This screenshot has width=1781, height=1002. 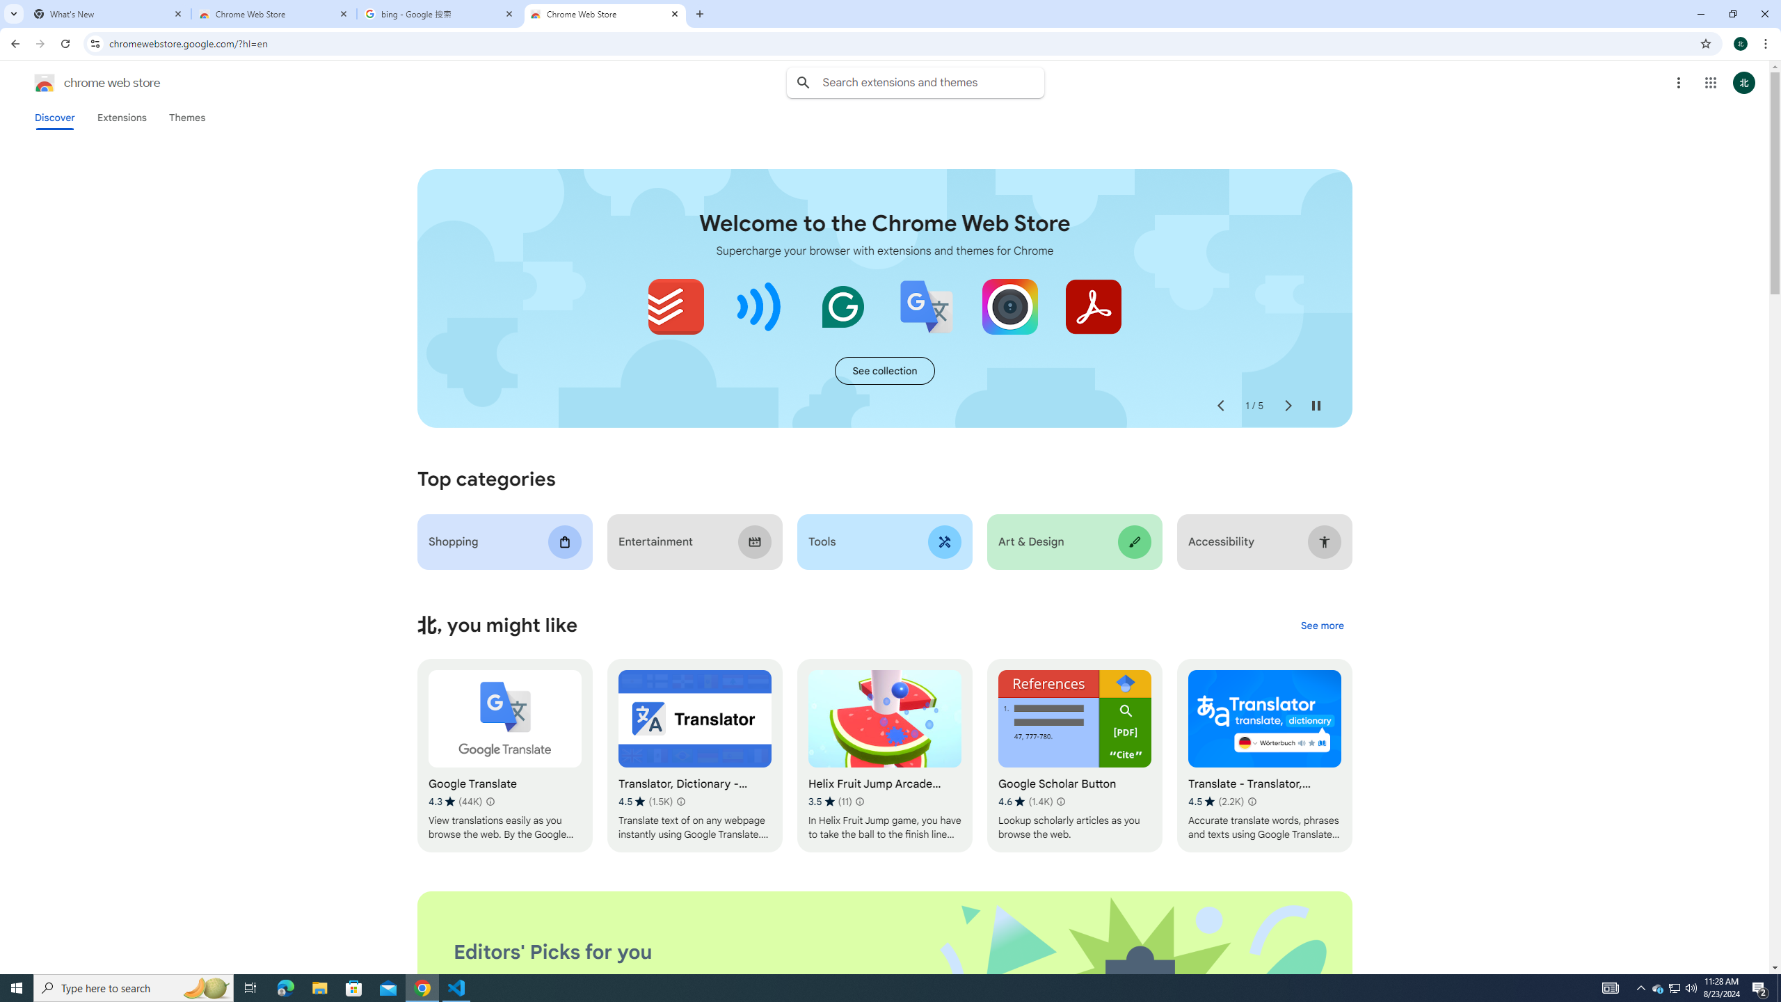 What do you see at coordinates (694, 755) in the screenshot?
I see `'Translator, Dictionary - Accurate Translate'` at bounding box center [694, 755].